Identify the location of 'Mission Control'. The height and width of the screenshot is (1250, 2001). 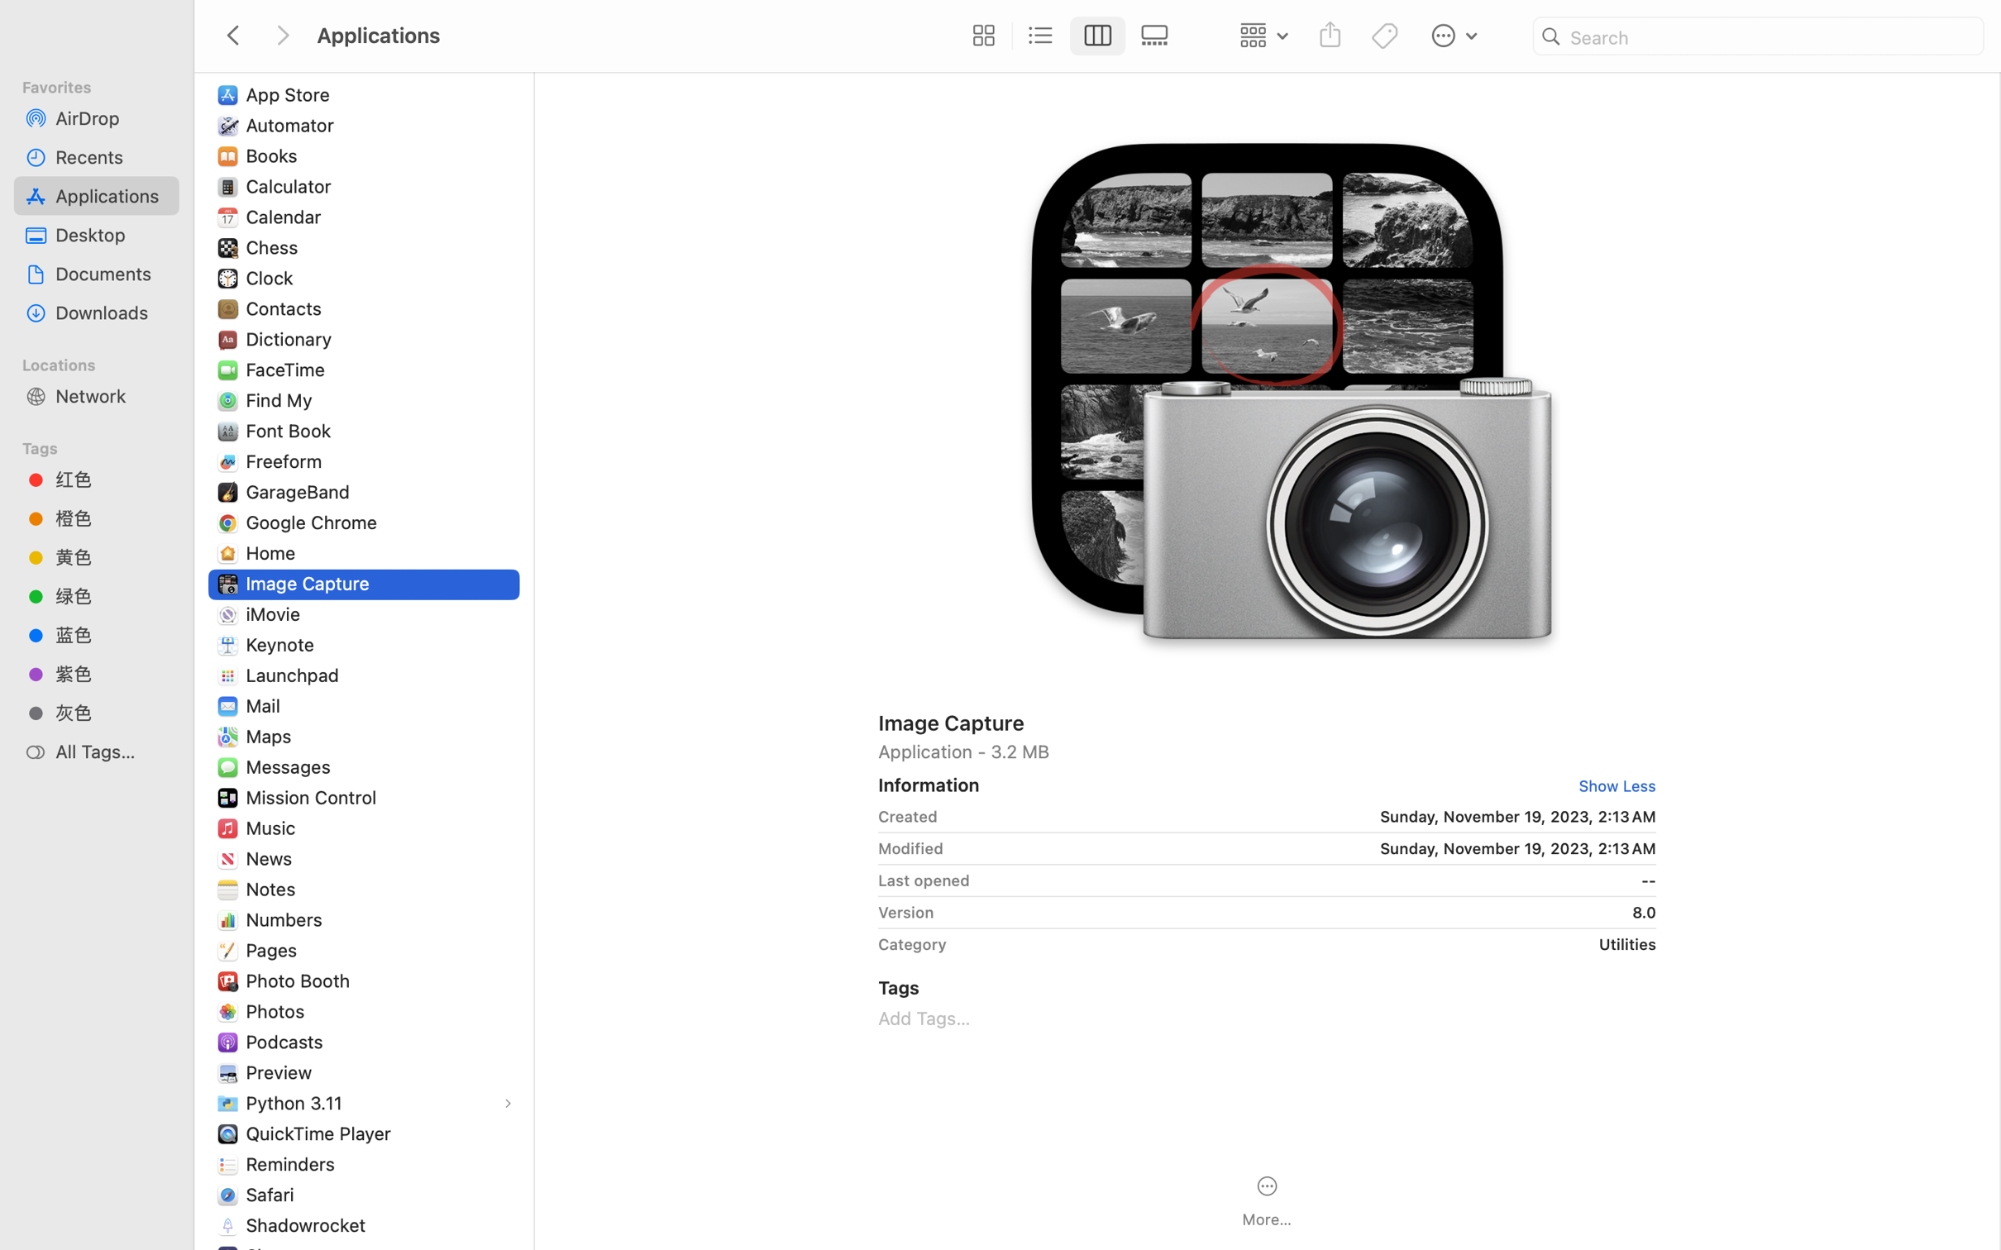
(315, 797).